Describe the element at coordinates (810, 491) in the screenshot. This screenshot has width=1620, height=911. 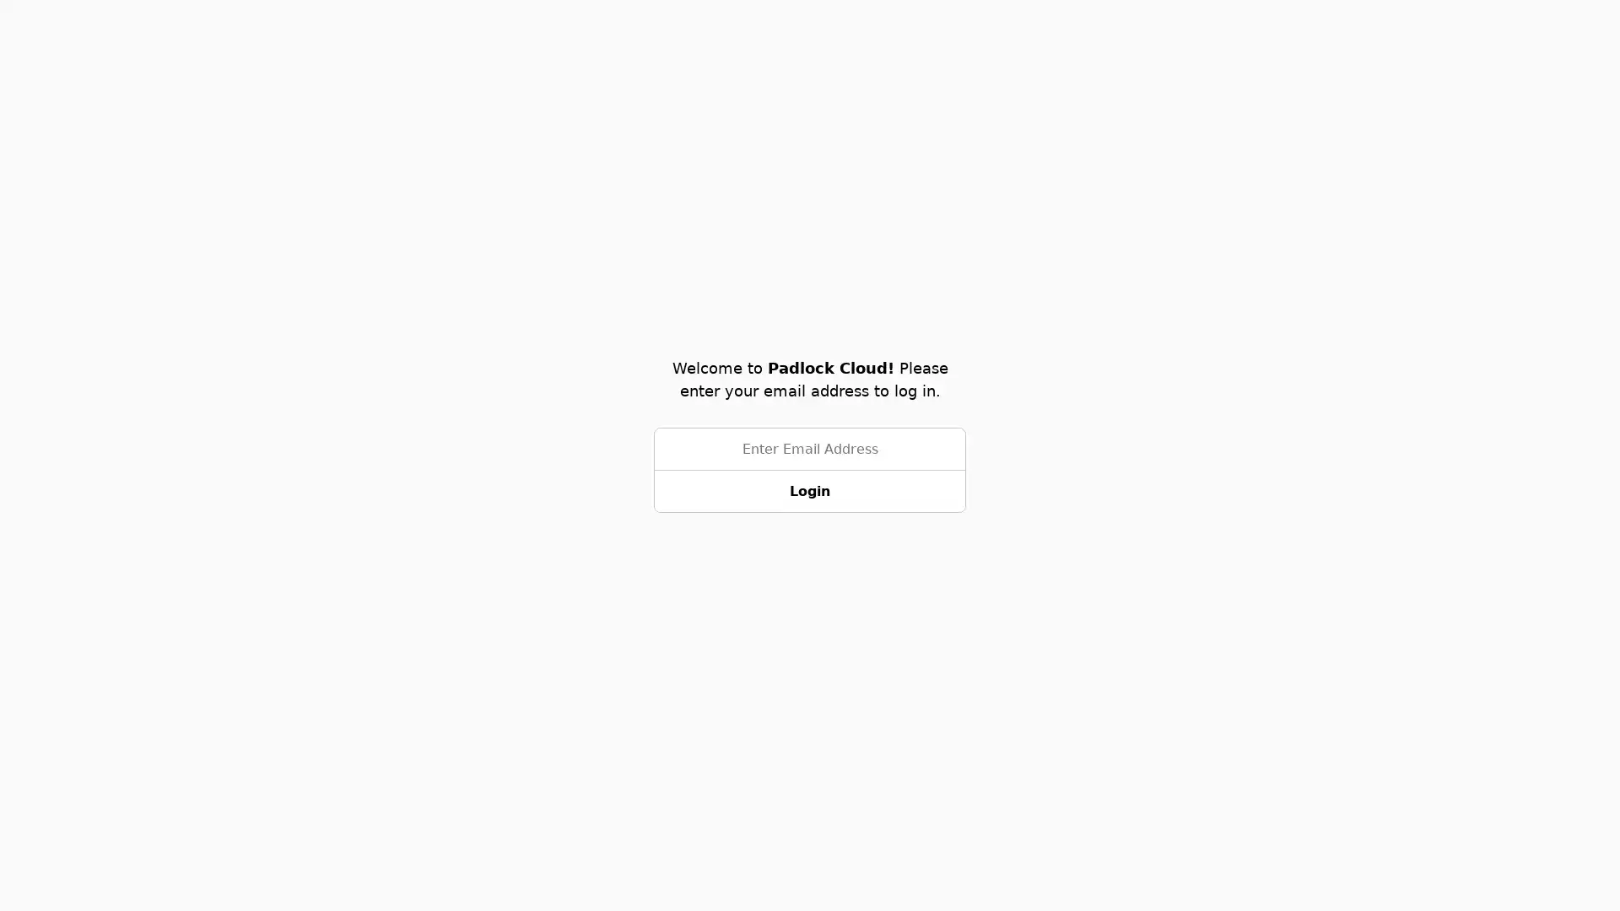
I see `Login` at that location.